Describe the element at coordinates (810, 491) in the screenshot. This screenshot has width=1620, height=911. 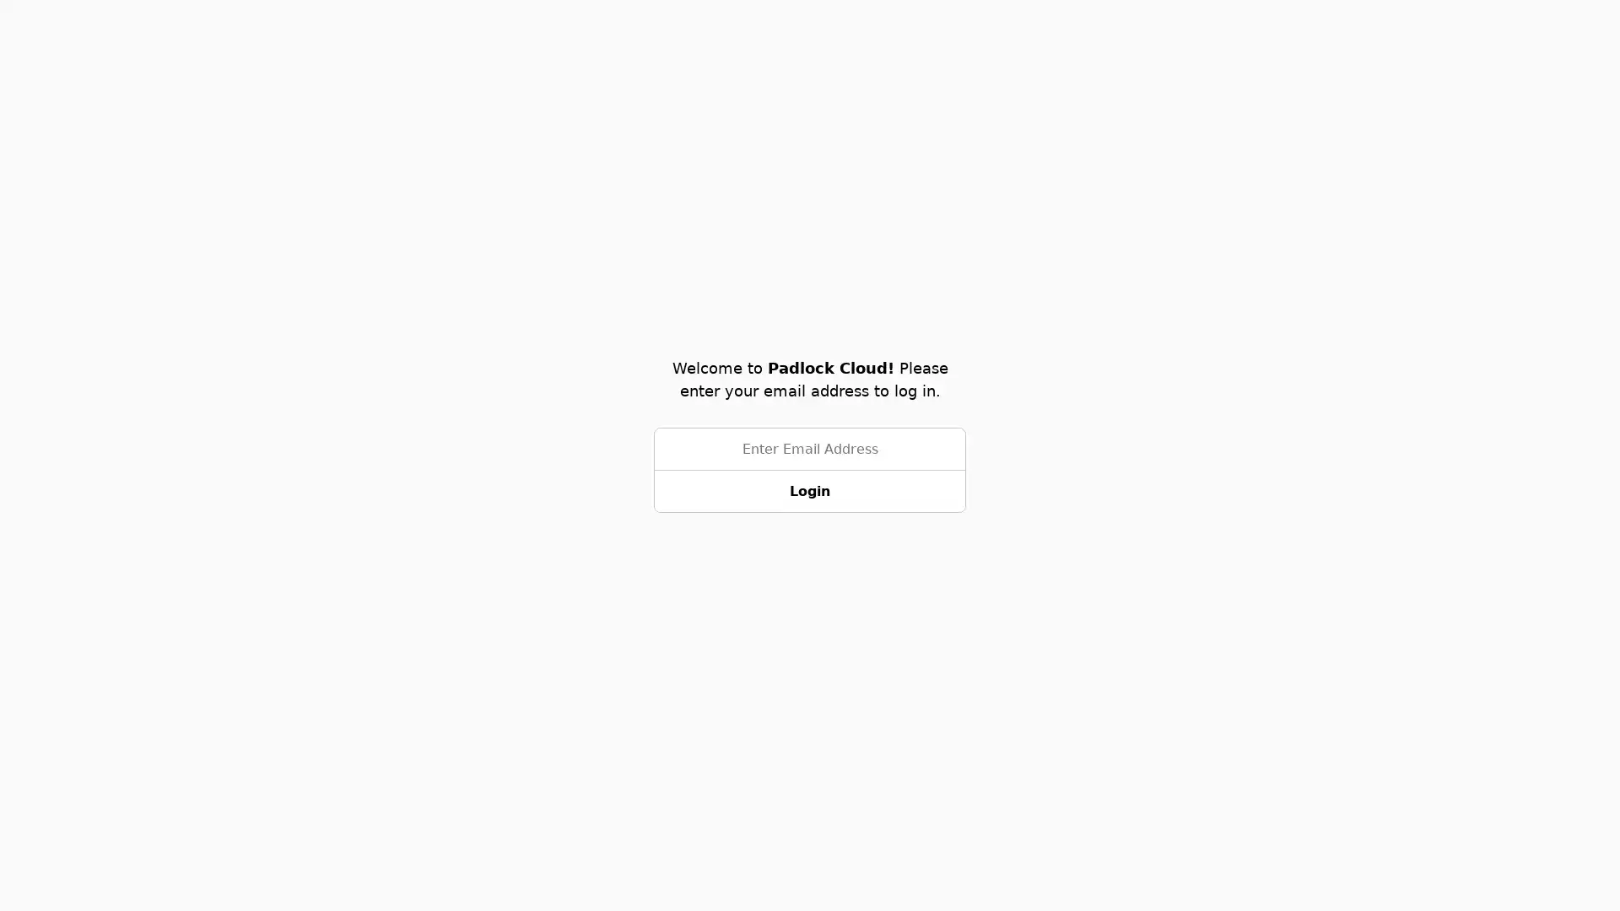
I see `Login` at that location.